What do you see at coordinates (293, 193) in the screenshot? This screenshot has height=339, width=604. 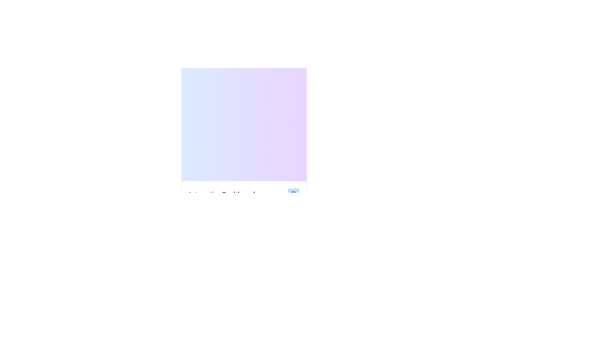 I see `the help button with an embedded icon located at the right side of the 'Interactive Dashboard' header` at bounding box center [293, 193].